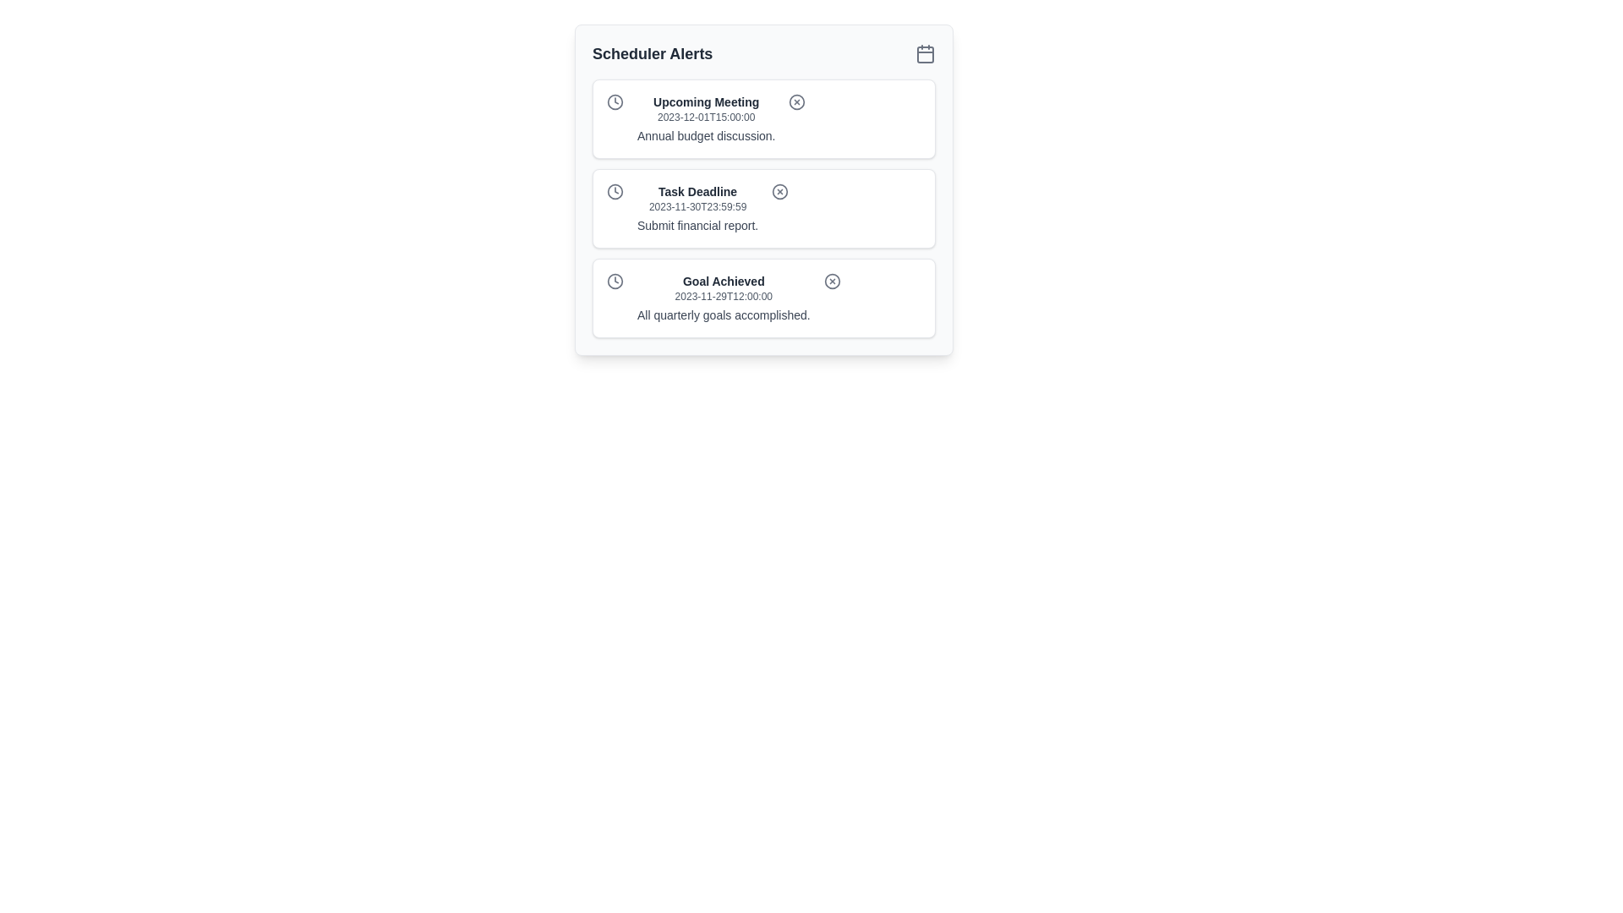  I want to click on assistive tools, so click(706, 135).